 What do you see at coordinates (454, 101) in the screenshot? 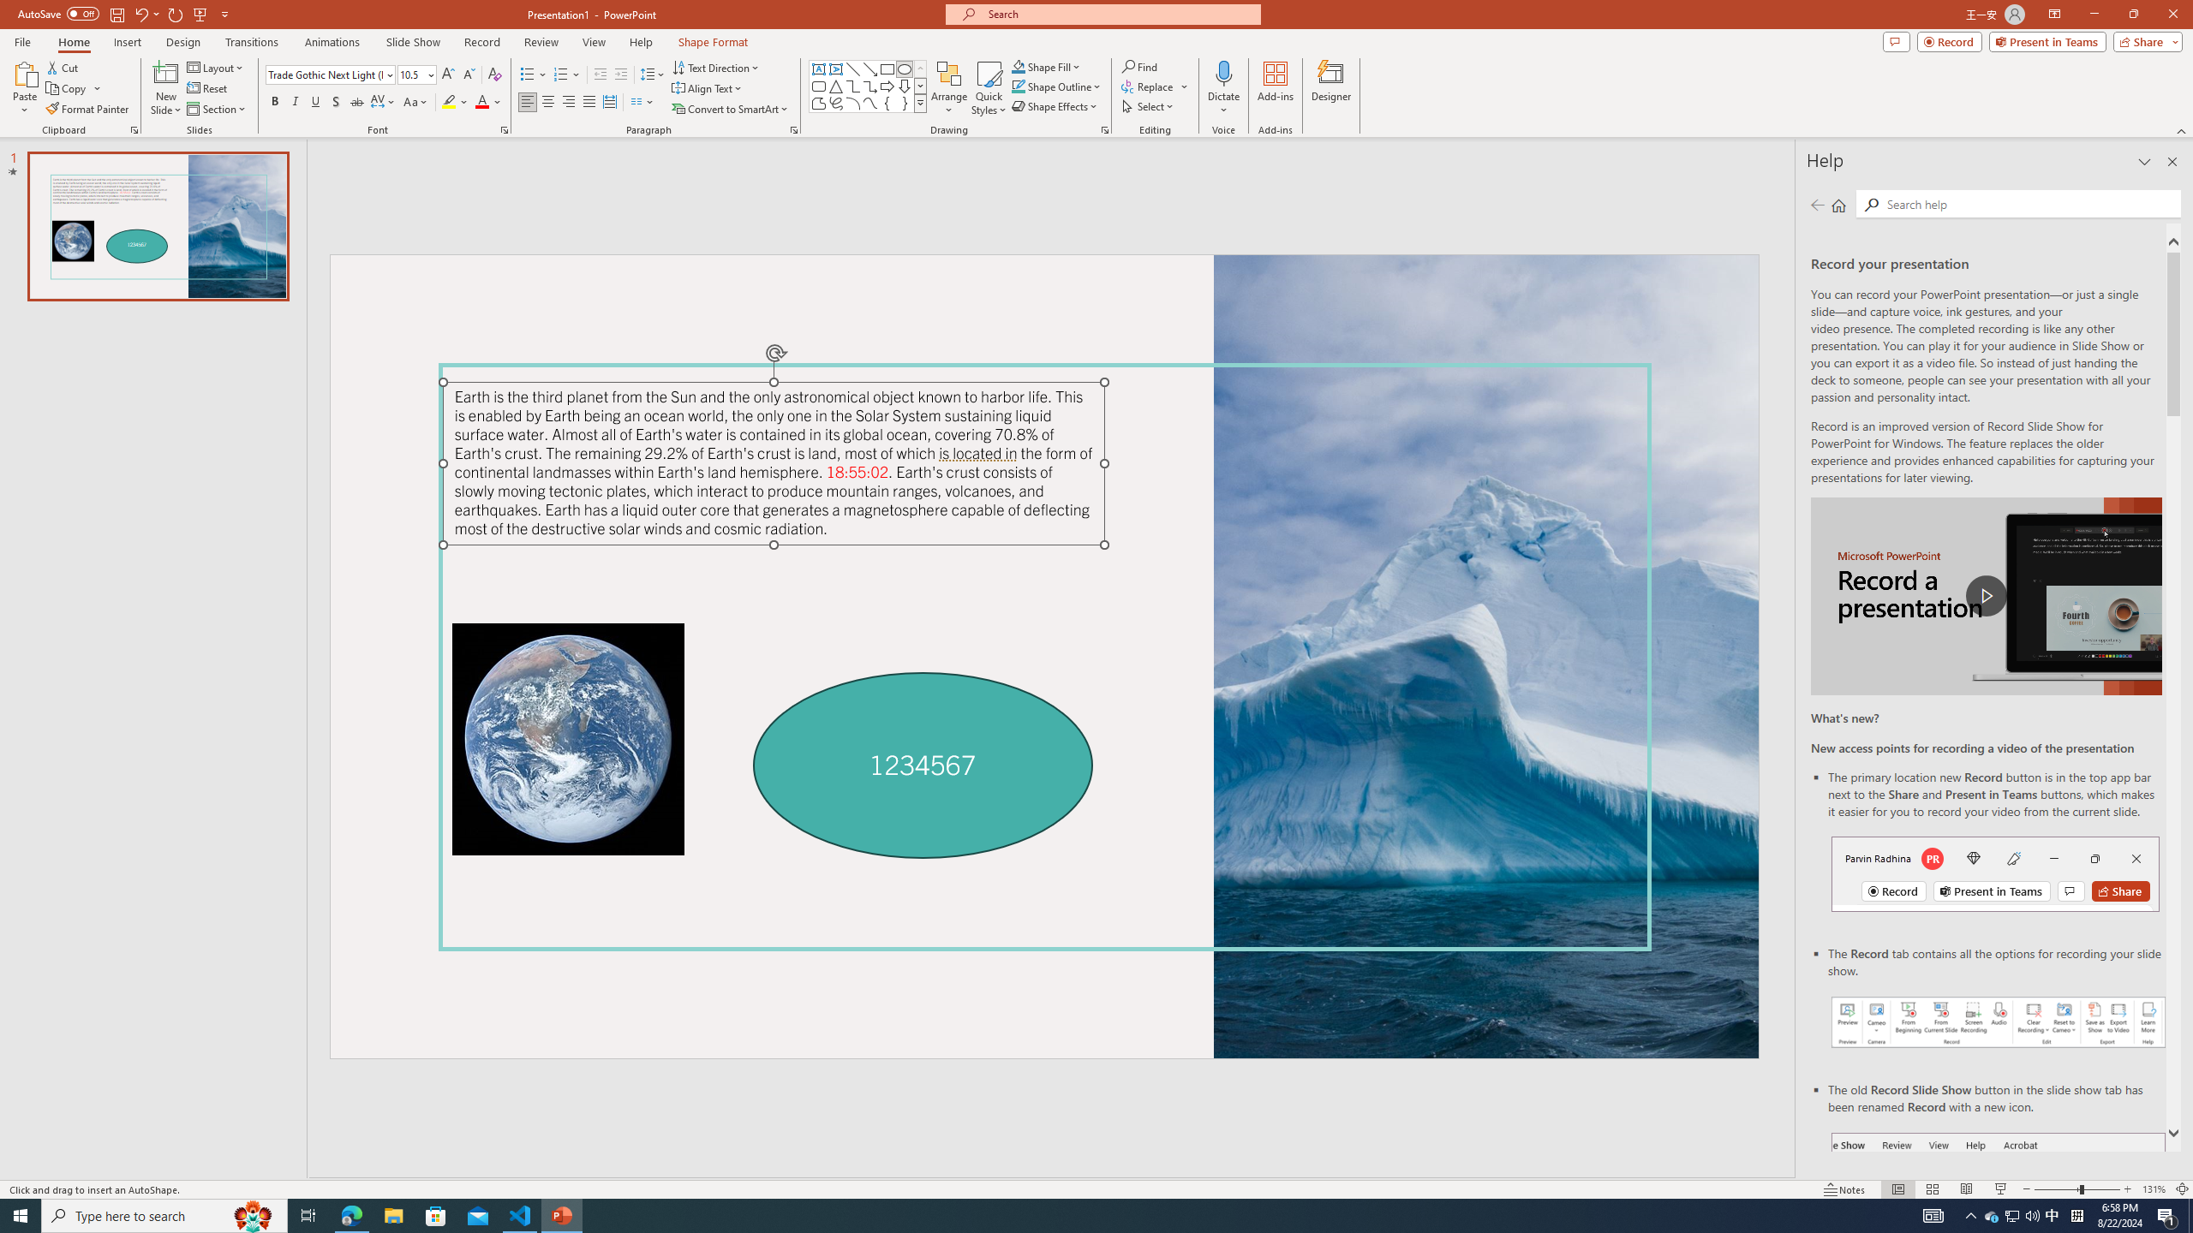
I see `'Text Highlight Color'` at bounding box center [454, 101].